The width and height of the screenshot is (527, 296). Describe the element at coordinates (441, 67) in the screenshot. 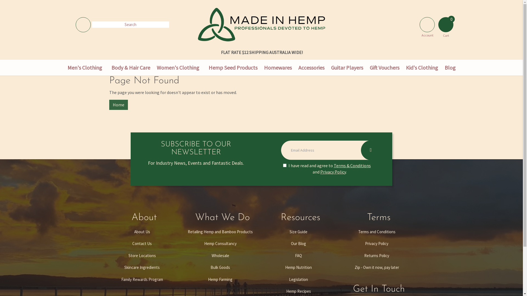

I see `'Blog'` at that location.